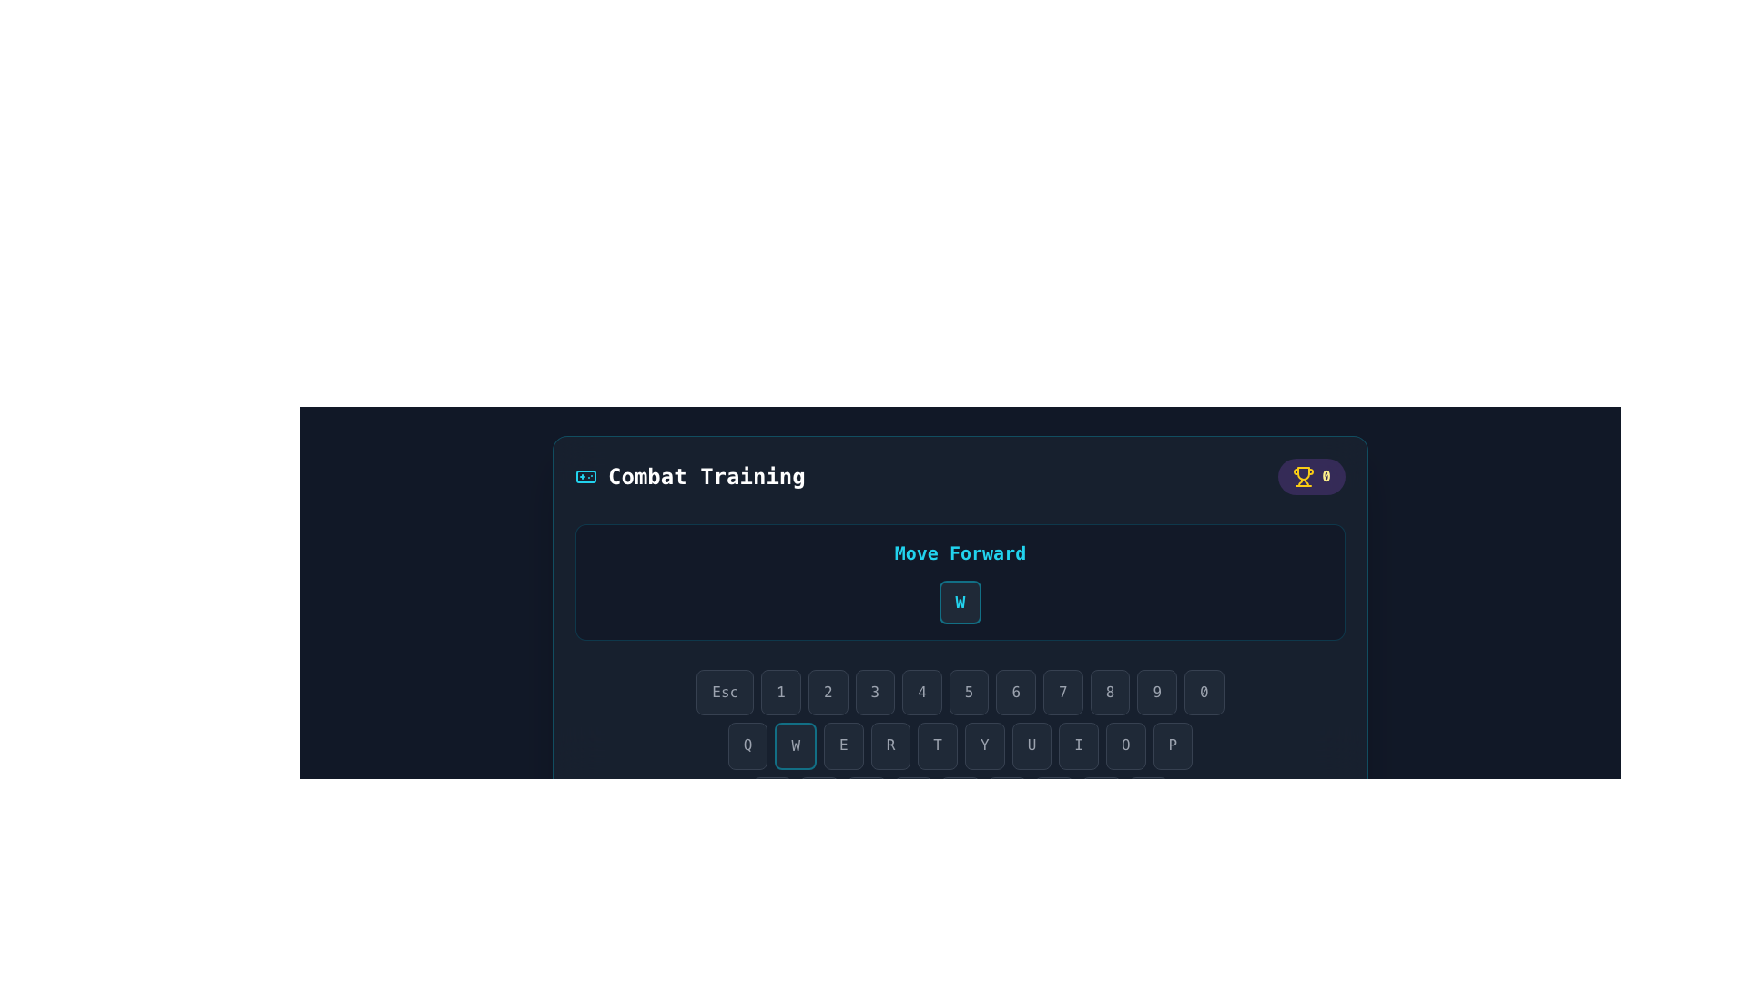 This screenshot has height=983, width=1748. What do you see at coordinates (585, 476) in the screenshot?
I see `the video game controller icon with a cyan outline located to the left of the 'Combat Training' text in the top-left area of the interface` at bounding box center [585, 476].